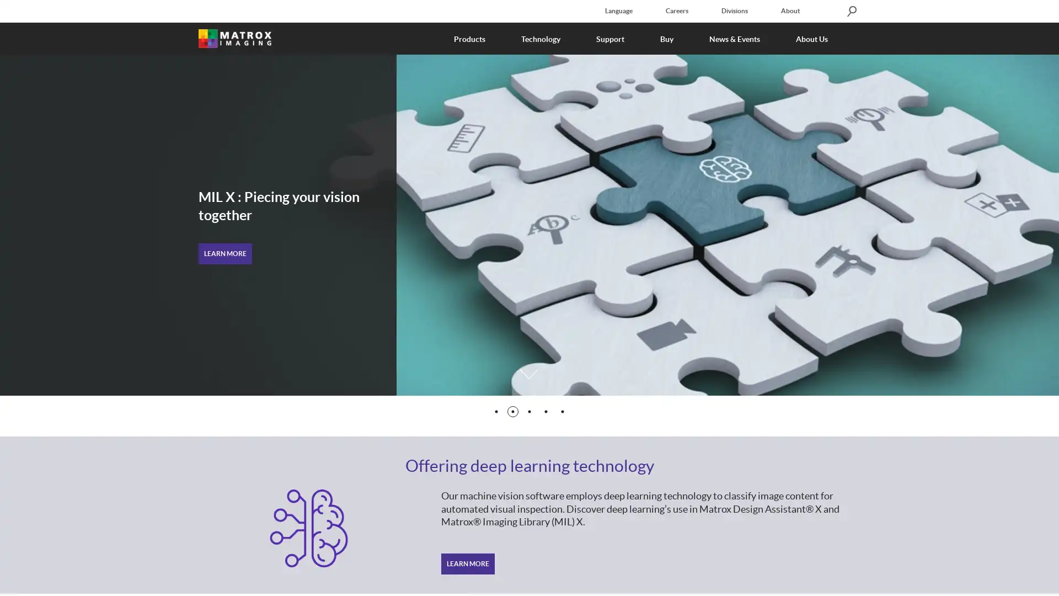  What do you see at coordinates (512, 411) in the screenshot?
I see `2` at bounding box center [512, 411].